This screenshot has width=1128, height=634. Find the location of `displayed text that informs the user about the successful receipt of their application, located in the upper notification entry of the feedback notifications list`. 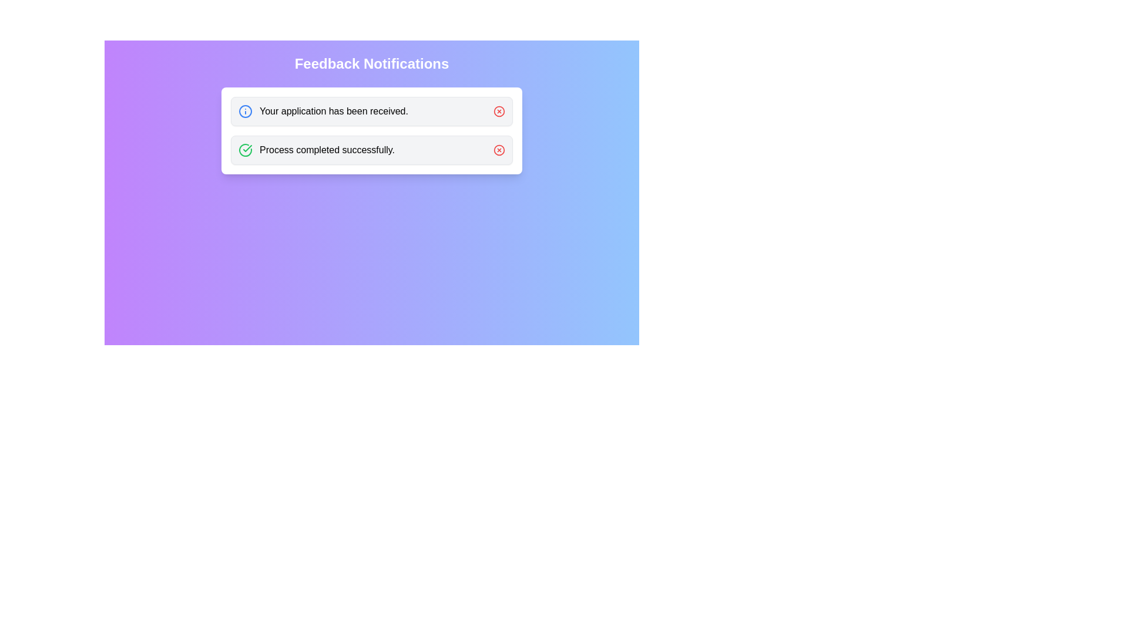

displayed text that informs the user about the successful receipt of their application, located in the upper notification entry of the feedback notifications list is located at coordinates (333, 111).